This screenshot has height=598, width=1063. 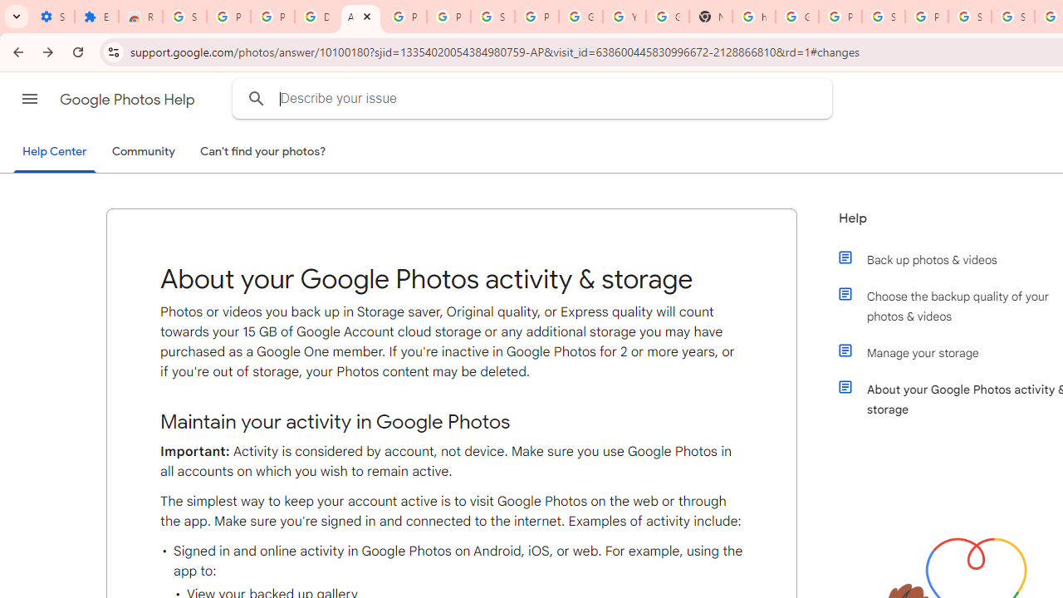 I want to click on 'Main menu', so click(x=29, y=99).